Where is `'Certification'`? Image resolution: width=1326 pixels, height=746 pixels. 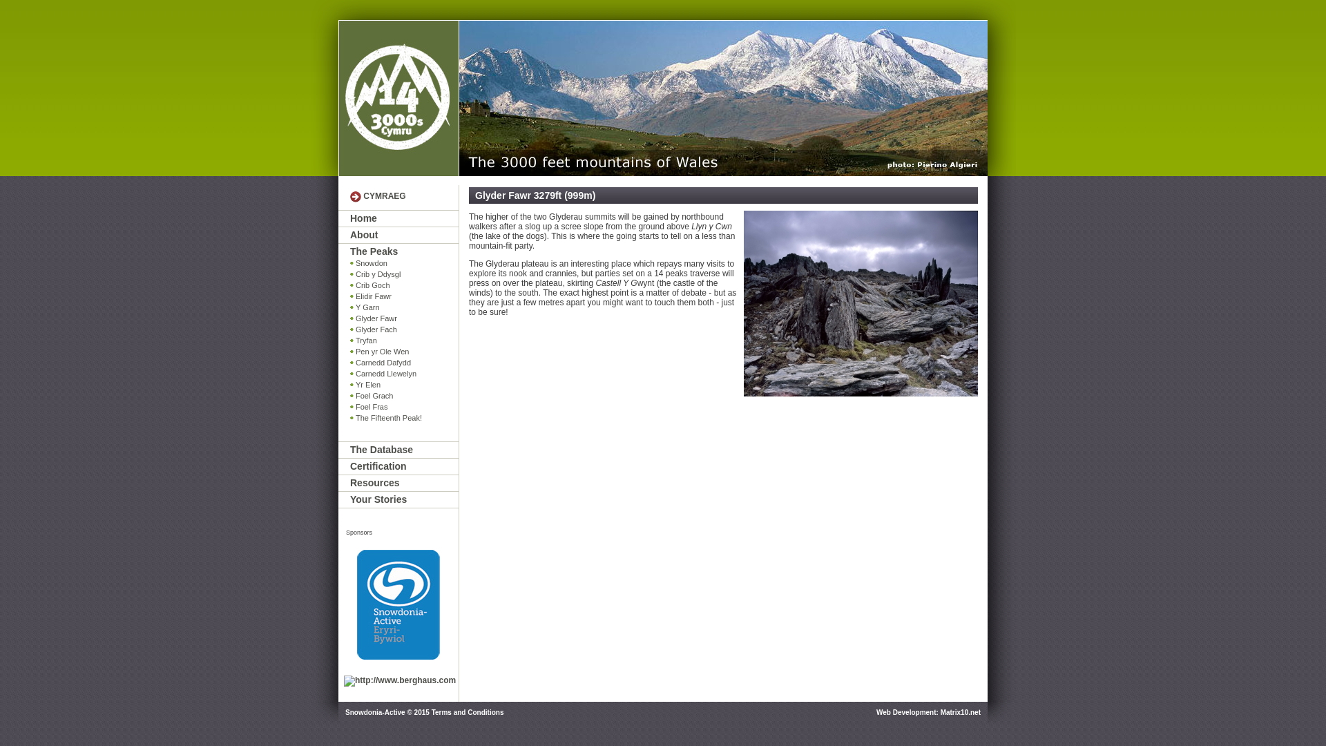 'Certification' is located at coordinates (350, 466).